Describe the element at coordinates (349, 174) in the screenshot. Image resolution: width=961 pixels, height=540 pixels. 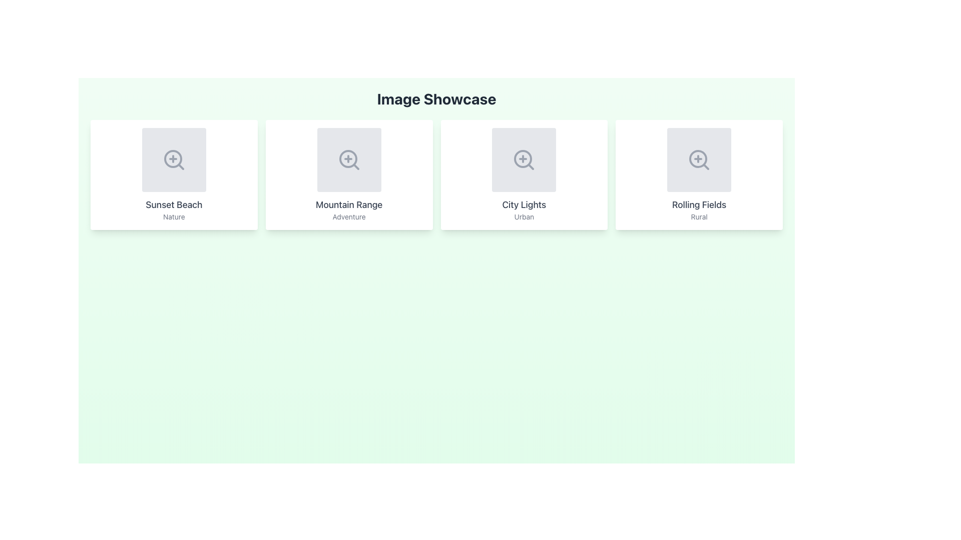
I see `the 'Mountain Range' card located` at that location.